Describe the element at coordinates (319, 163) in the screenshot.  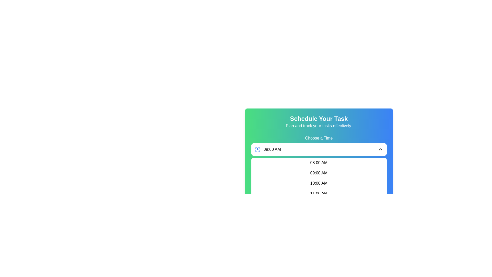
I see `the selectable list item displaying '08:00 AM', which is the first item` at that location.